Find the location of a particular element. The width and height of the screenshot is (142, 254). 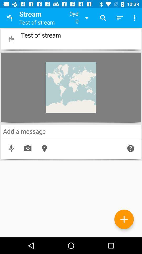

a message here is located at coordinates (71, 131).